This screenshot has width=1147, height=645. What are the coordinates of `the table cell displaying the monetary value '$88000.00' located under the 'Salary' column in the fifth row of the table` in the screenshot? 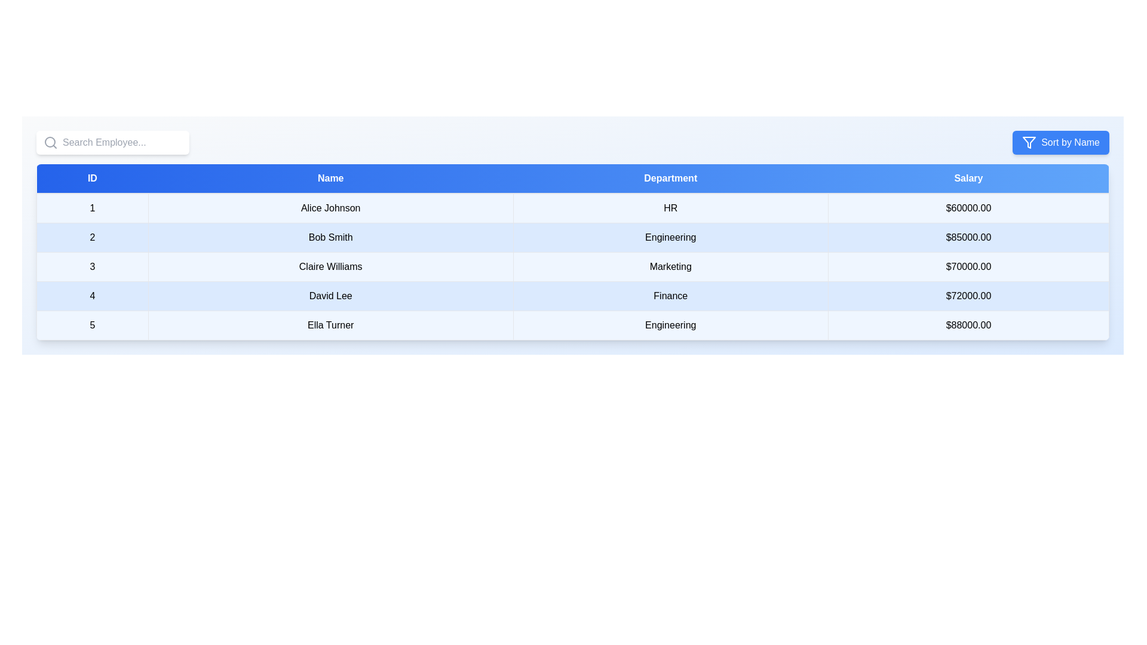 It's located at (968, 325).